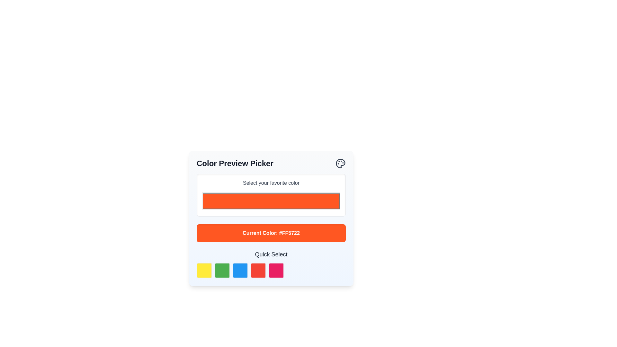  What do you see at coordinates (204, 270) in the screenshot?
I see `the yellow square-shaped button with rounded corners and a gray border located in the bottom-left corner of the 'Quick Select' row` at bounding box center [204, 270].